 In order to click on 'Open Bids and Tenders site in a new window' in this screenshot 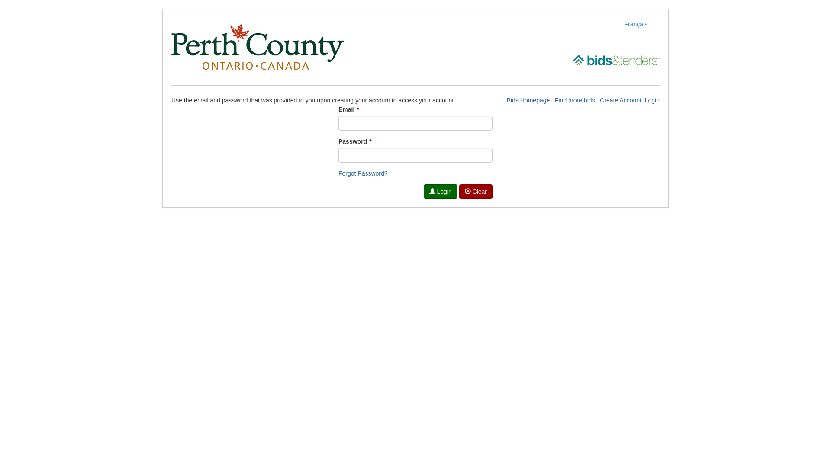, I will do `click(616, 59)`.